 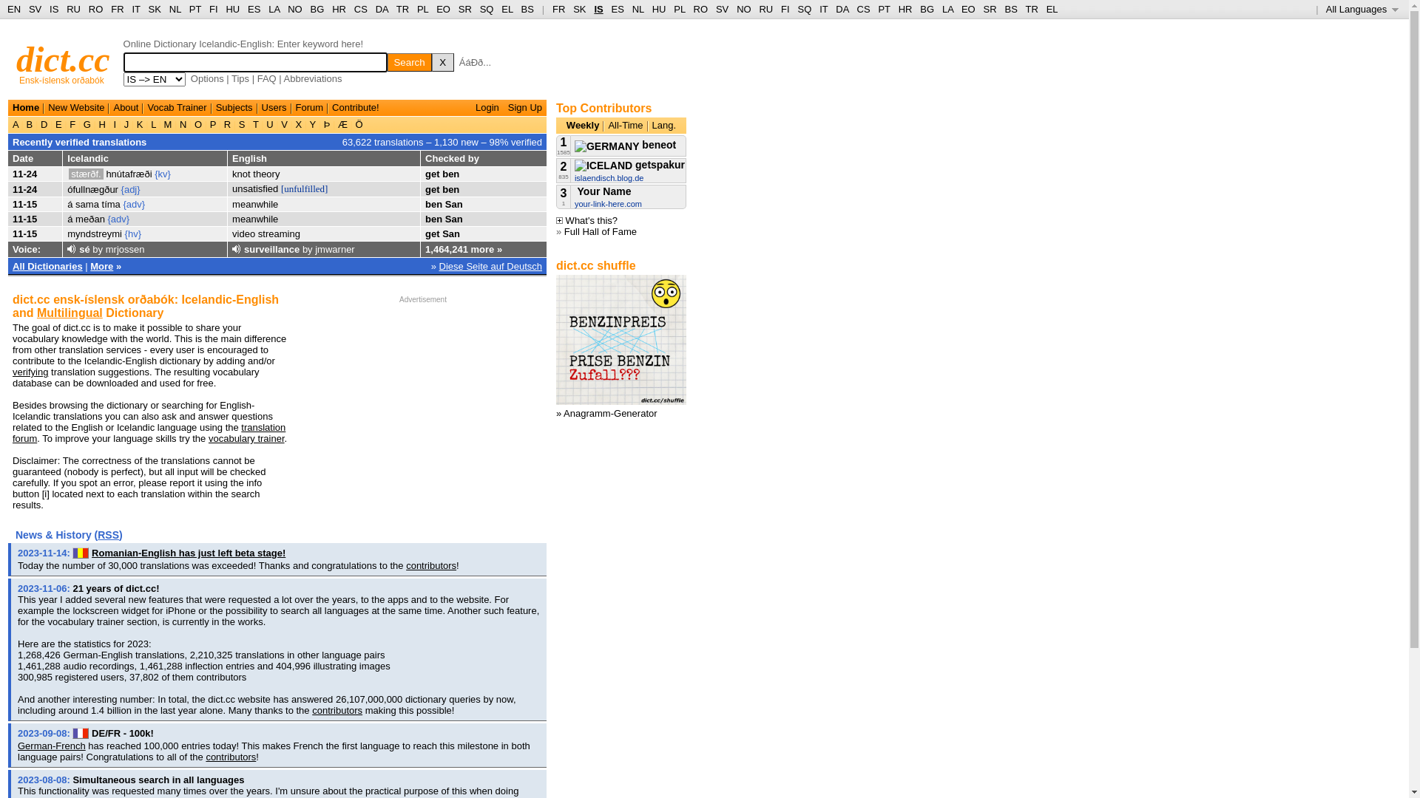 What do you see at coordinates (331, 106) in the screenshot?
I see `'Contribute!'` at bounding box center [331, 106].